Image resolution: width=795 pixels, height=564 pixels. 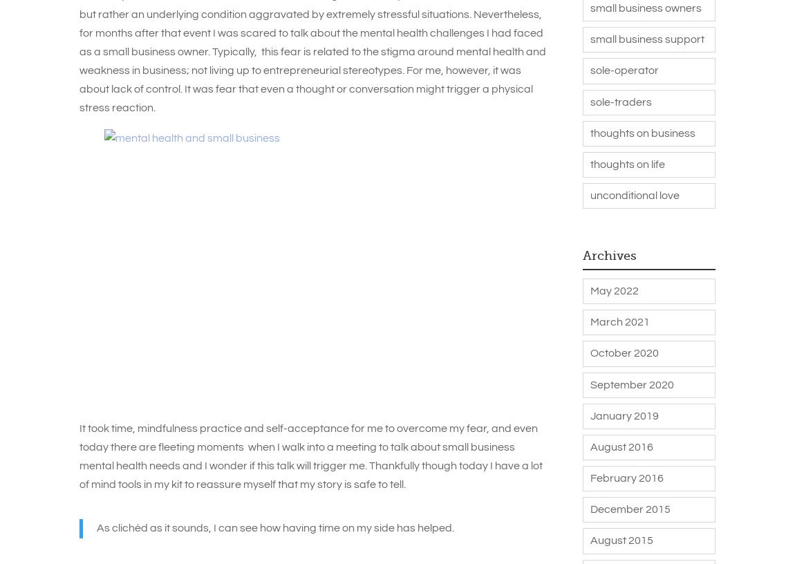 What do you see at coordinates (624, 415) in the screenshot?
I see `'January 2019'` at bounding box center [624, 415].